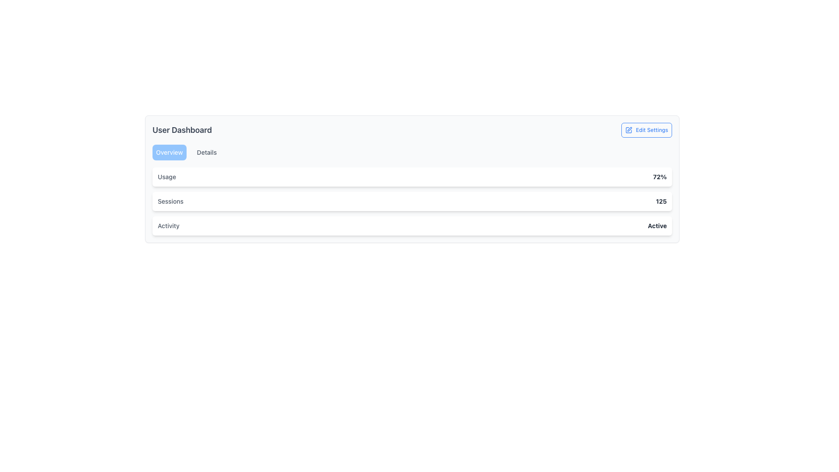 The width and height of the screenshot is (839, 472). What do you see at coordinates (169, 152) in the screenshot?
I see `the 'Overview' button, which is a light blue rectangular button with white text and rounded corners located in the top-left of the navigation bar` at bounding box center [169, 152].